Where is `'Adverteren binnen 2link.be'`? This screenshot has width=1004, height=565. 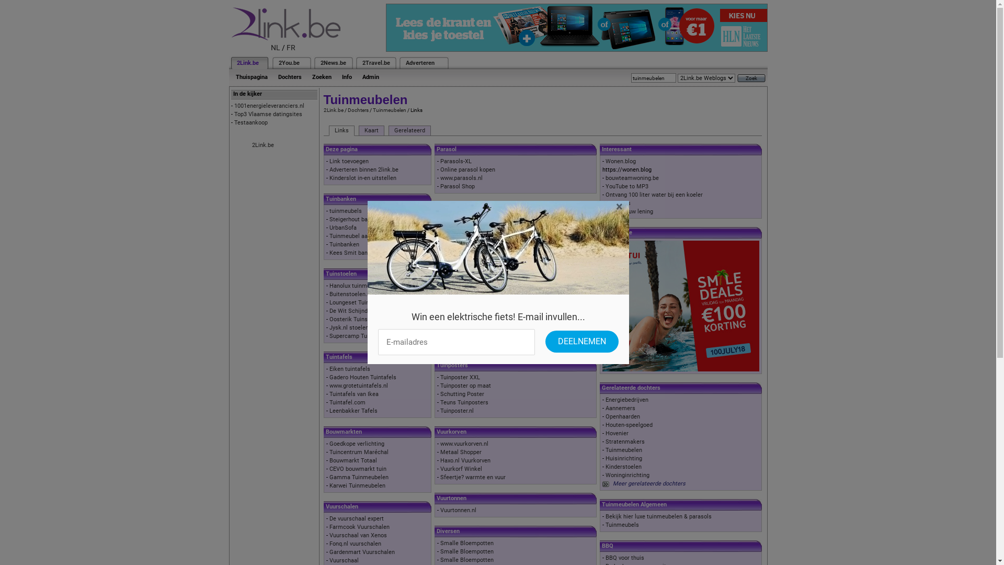 'Adverteren binnen 2link.be' is located at coordinates (364, 169).